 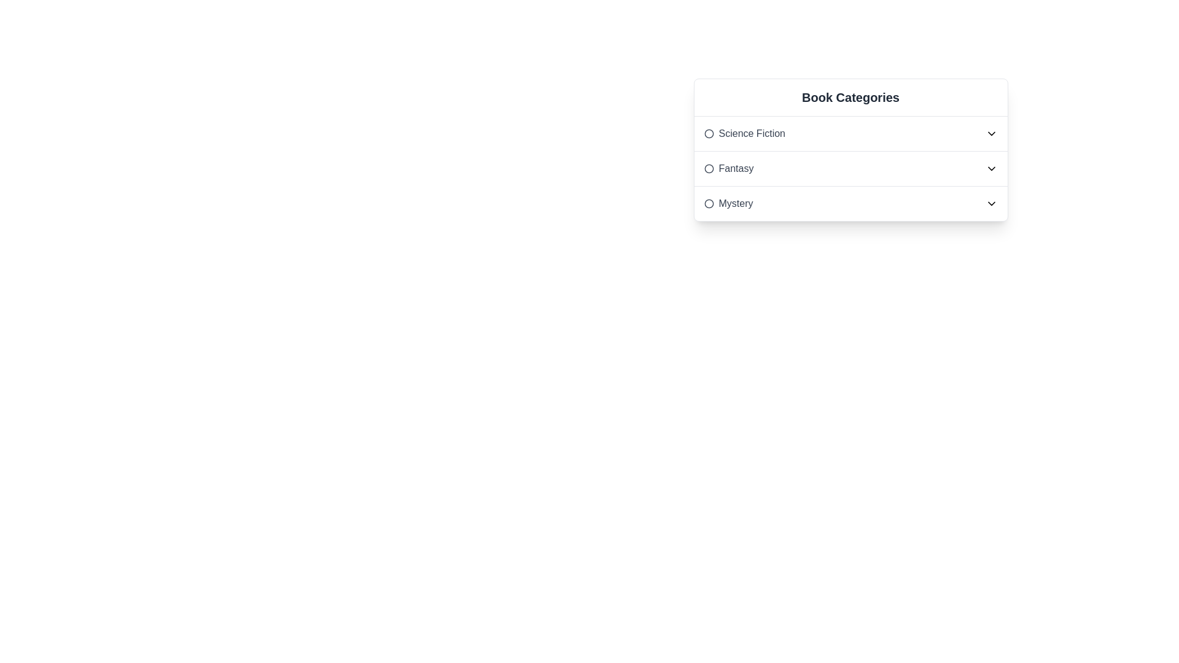 What do you see at coordinates (709, 168) in the screenshot?
I see `the radio button` at bounding box center [709, 168].